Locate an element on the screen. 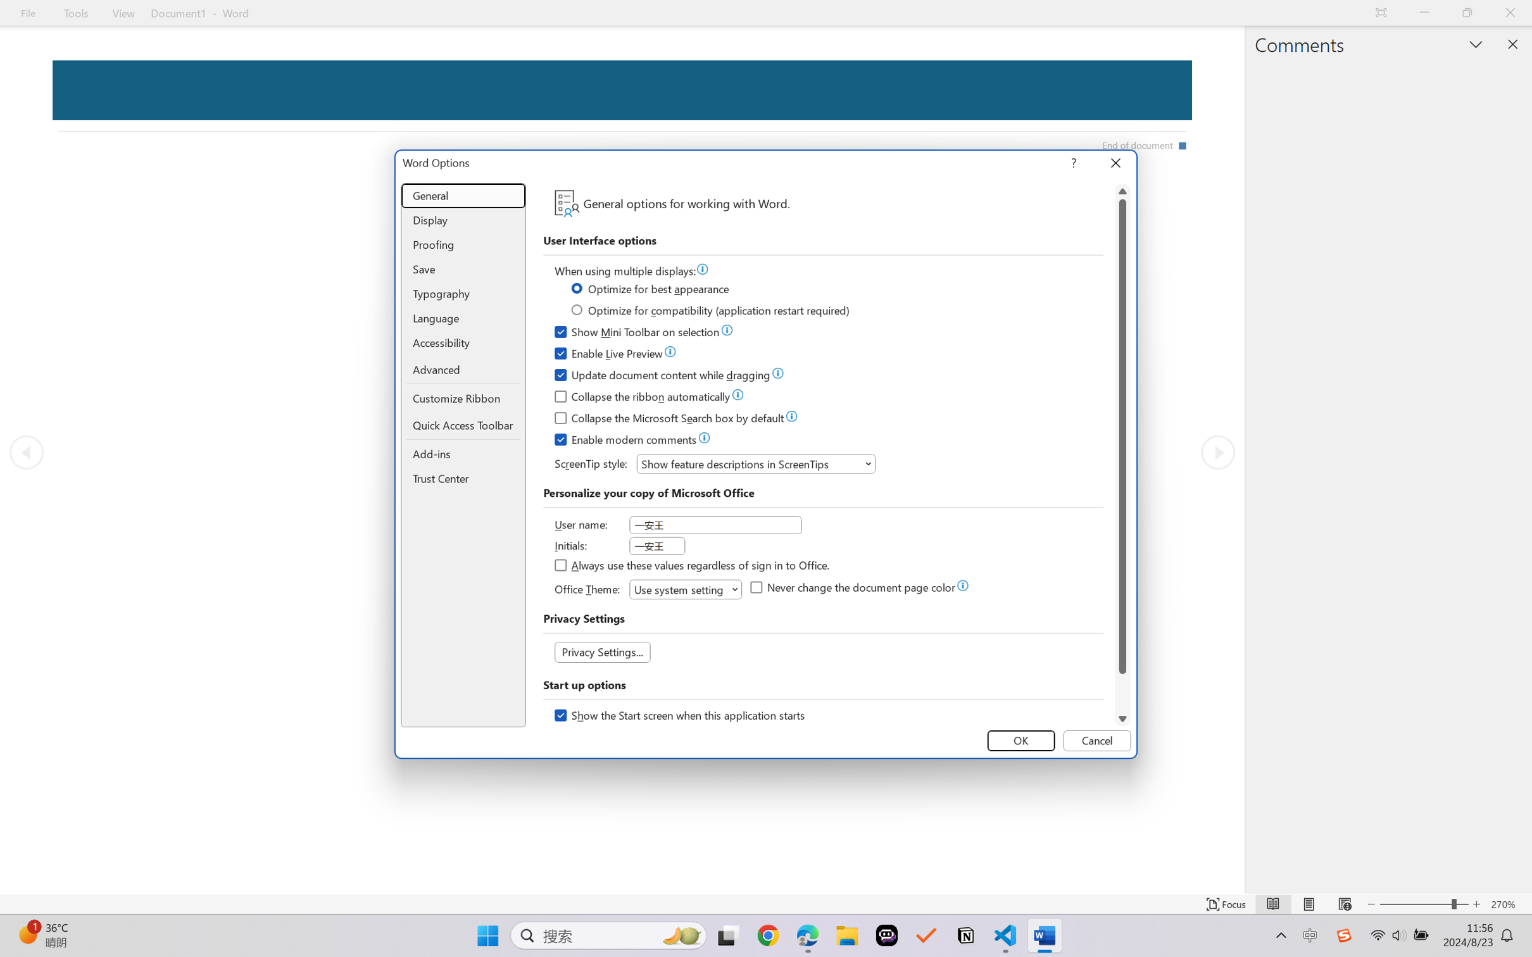 The image size is (1532, 957). 'Display' is located at coordinates (463, 220).